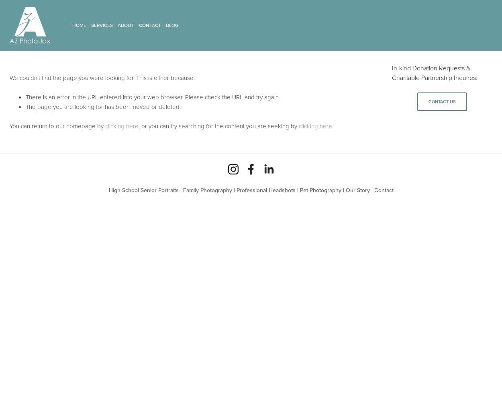 The image size is (502, 402). I want to click on 'High School Senior', so click(132, 190).